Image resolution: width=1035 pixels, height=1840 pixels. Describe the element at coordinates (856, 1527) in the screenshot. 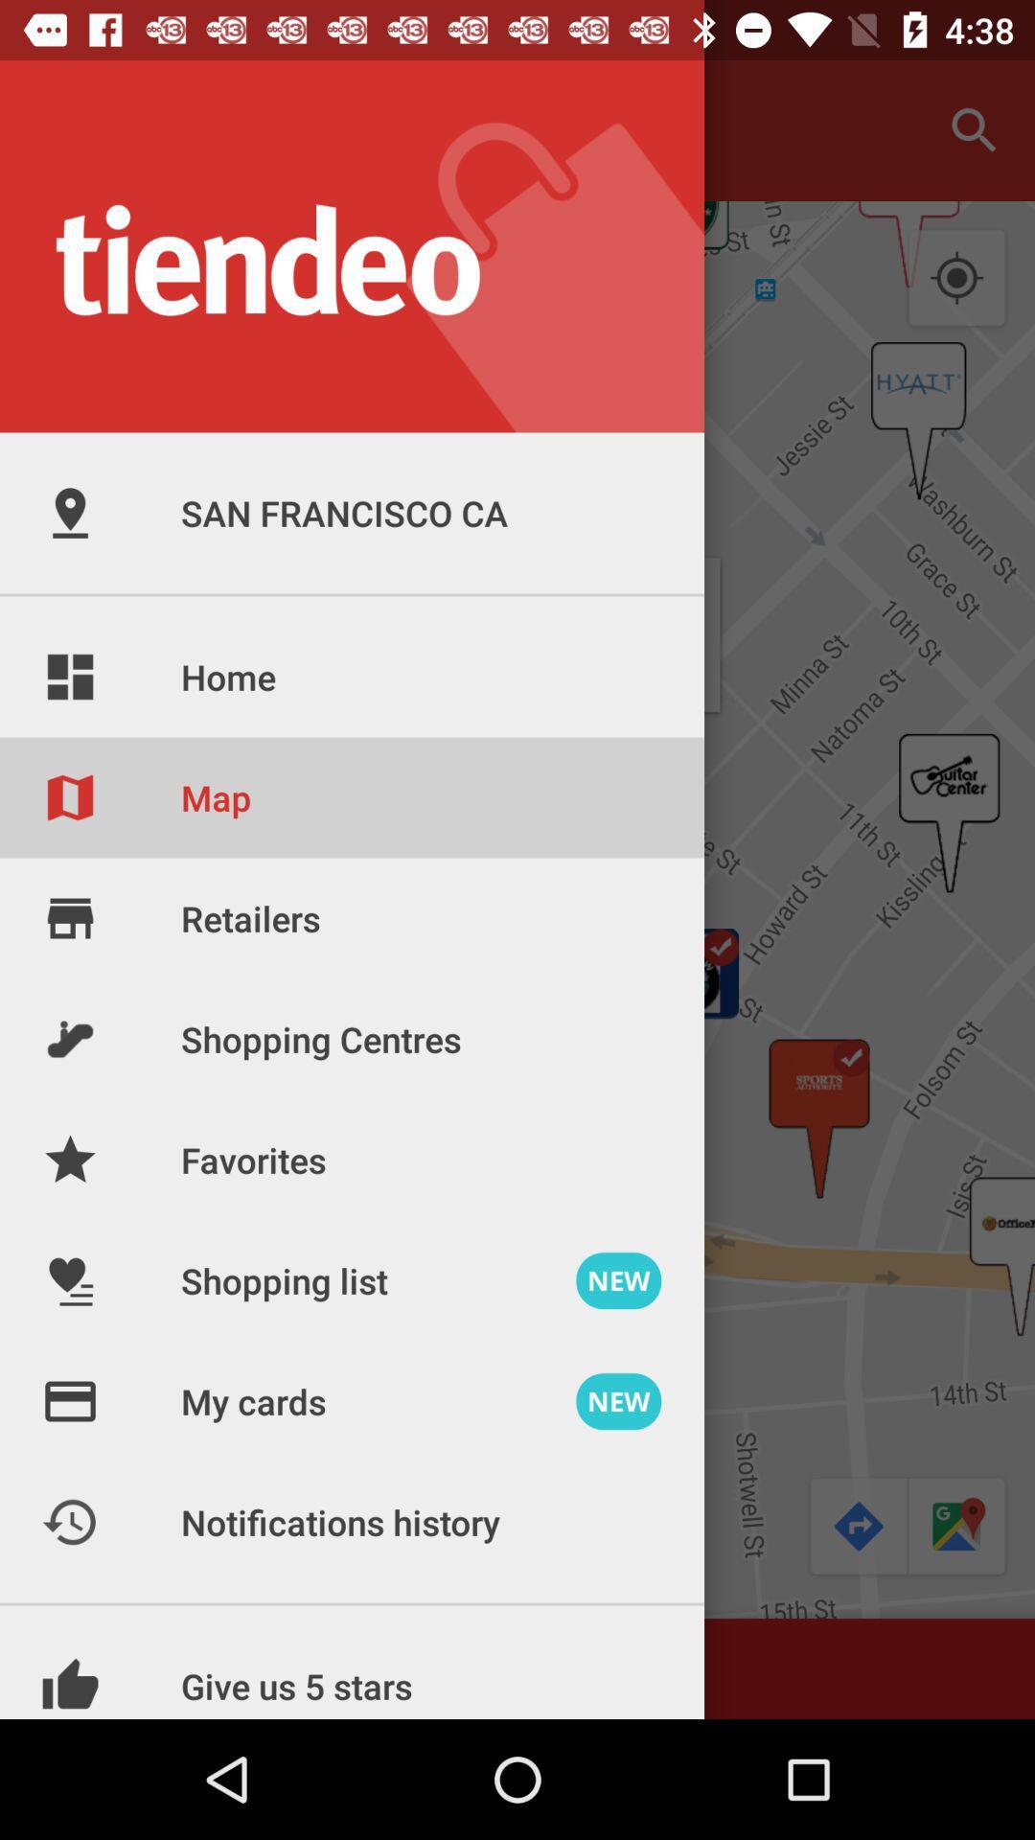

I see `the navigation icon` at that location.